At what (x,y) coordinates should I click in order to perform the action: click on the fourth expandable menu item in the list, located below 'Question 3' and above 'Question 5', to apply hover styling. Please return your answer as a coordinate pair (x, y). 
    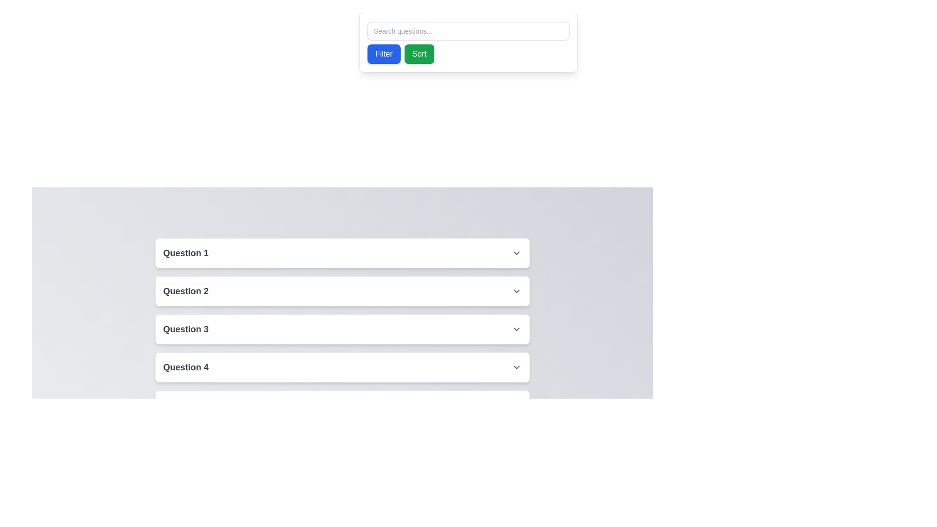
    Looking at the image, I should click on (342, 367).